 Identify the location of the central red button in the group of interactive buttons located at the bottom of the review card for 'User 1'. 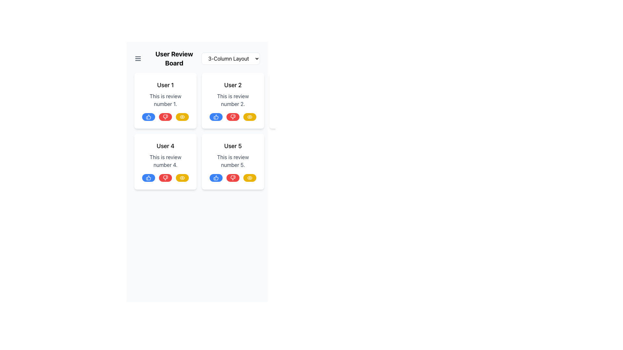
(165, 117).